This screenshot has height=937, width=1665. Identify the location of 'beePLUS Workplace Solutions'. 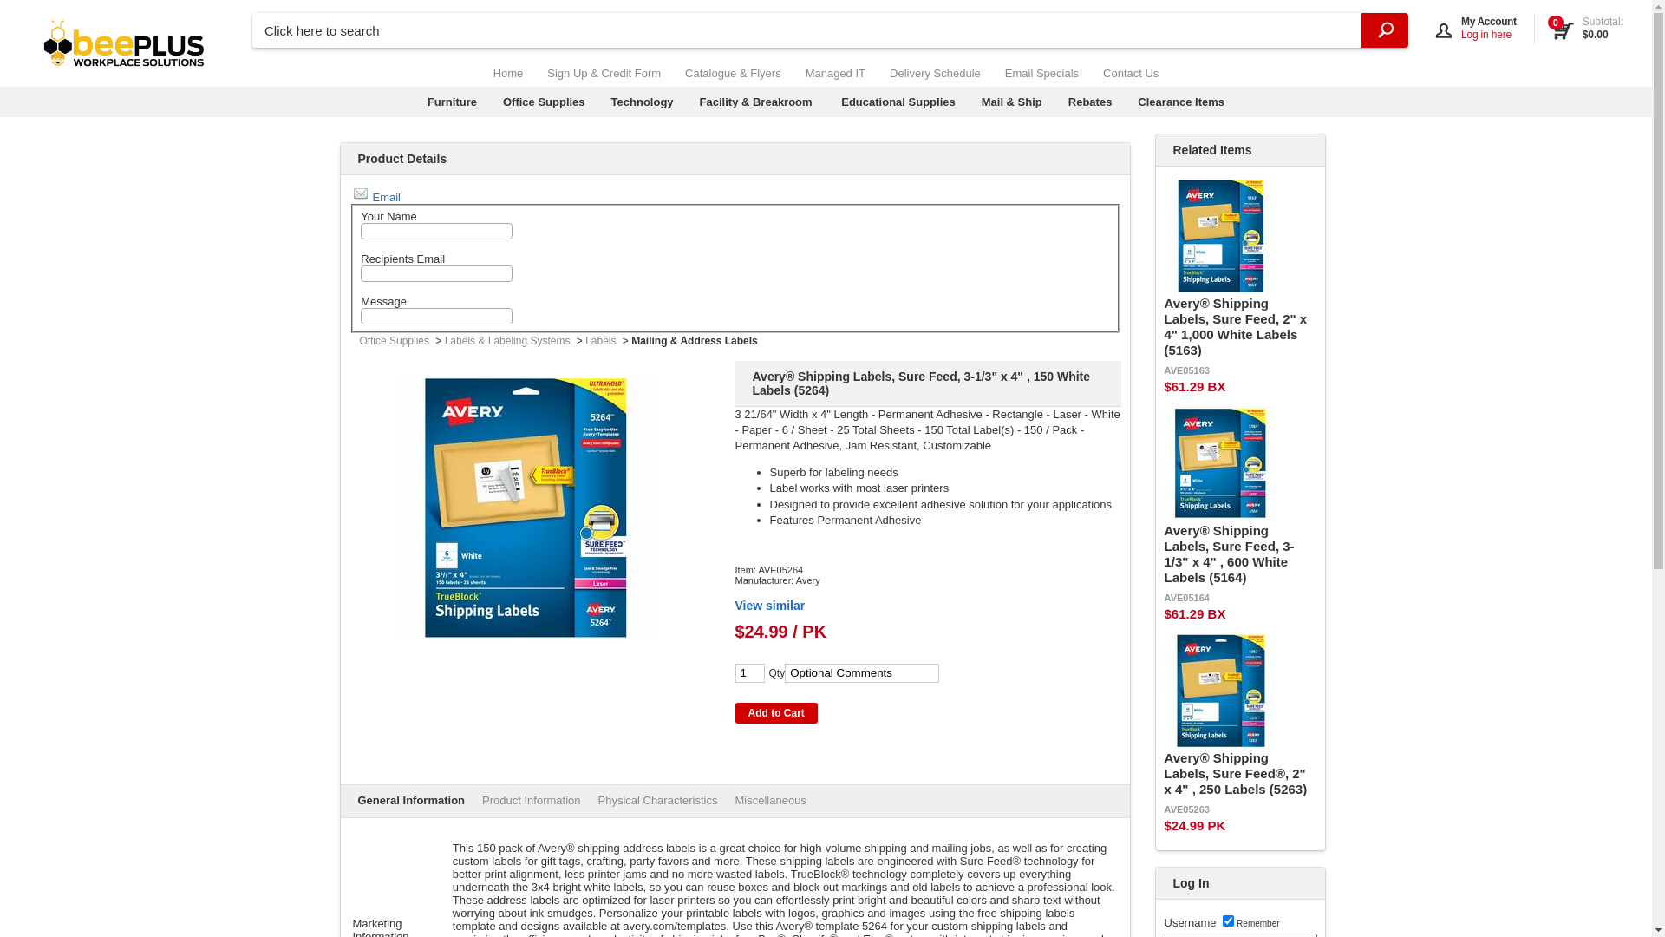
(124, 43).